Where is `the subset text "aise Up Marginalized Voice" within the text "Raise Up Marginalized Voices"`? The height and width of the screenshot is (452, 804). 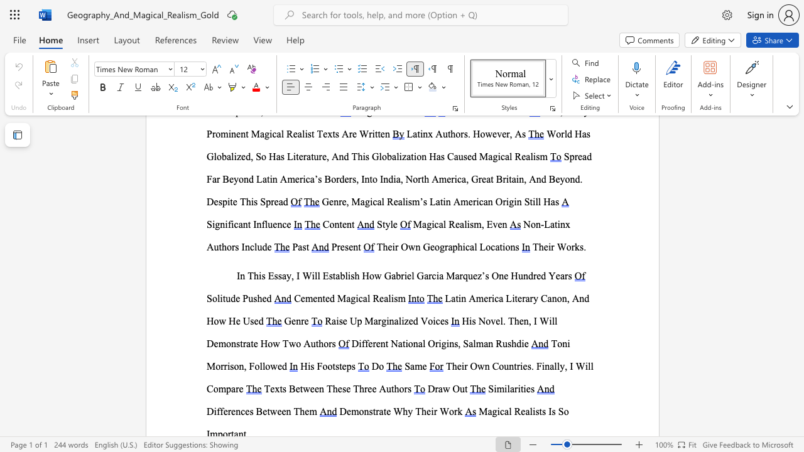
the subset text "aise Up Marginalized Voice" within the text "Raise Up Marginalized Voices" is located at coordinates (332, 320).